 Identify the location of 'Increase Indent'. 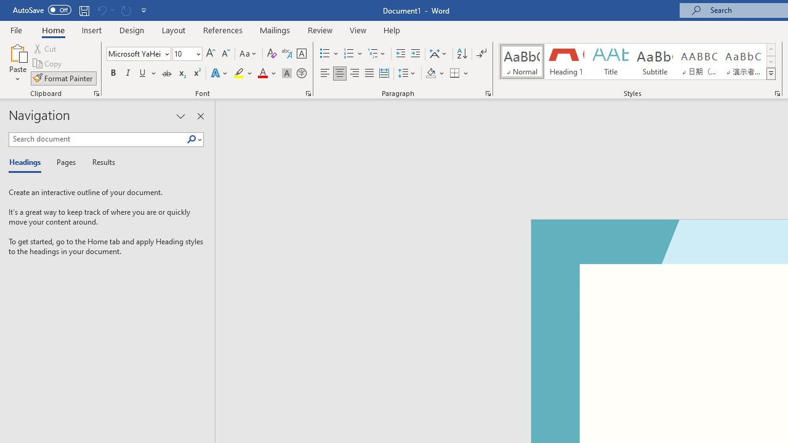
(416, 53).